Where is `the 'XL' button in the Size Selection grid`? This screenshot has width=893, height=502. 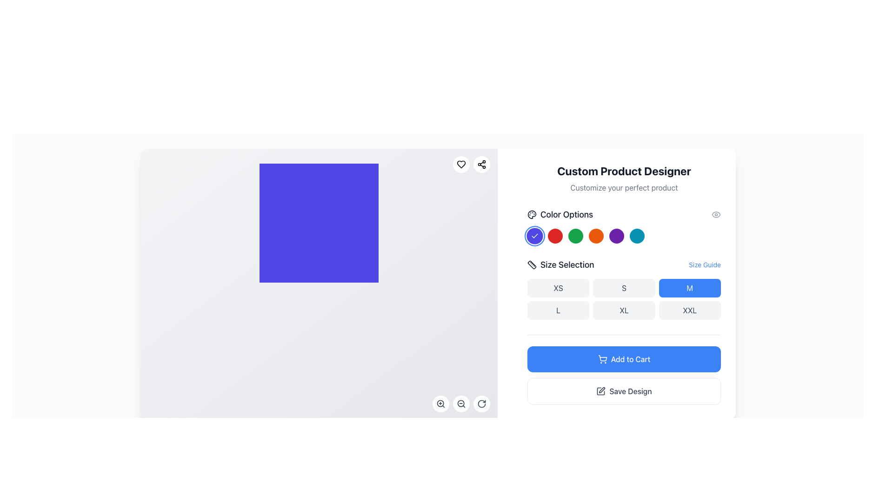
the 'XL' button in the Size Selection grid is located at coordinates (624, 310).